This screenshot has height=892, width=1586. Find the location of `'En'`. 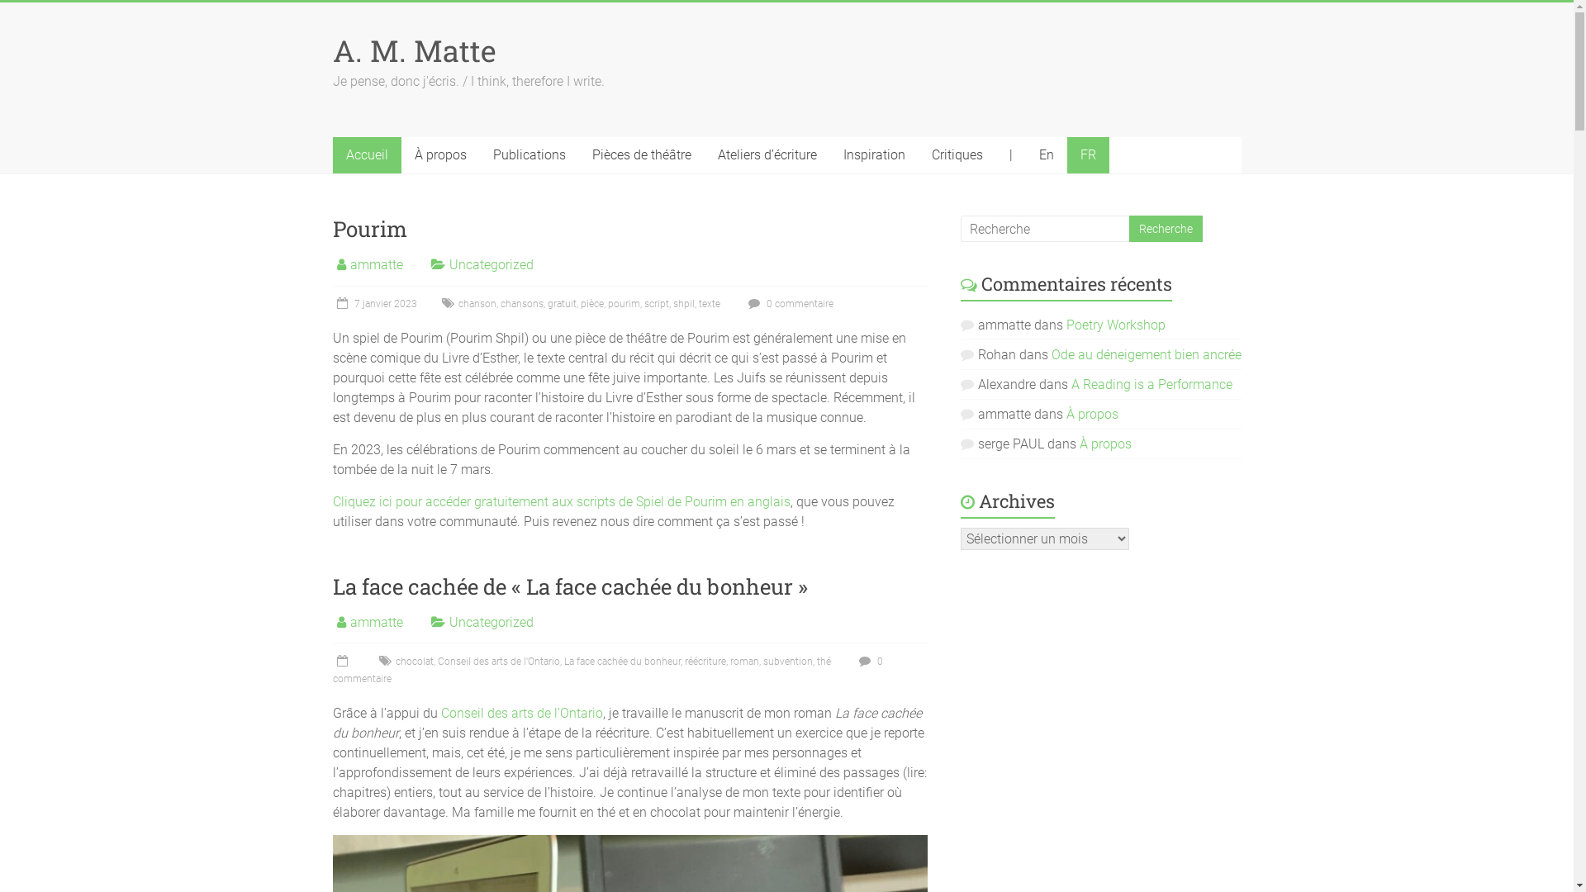

'En' is located at coordinates (1046, 155).